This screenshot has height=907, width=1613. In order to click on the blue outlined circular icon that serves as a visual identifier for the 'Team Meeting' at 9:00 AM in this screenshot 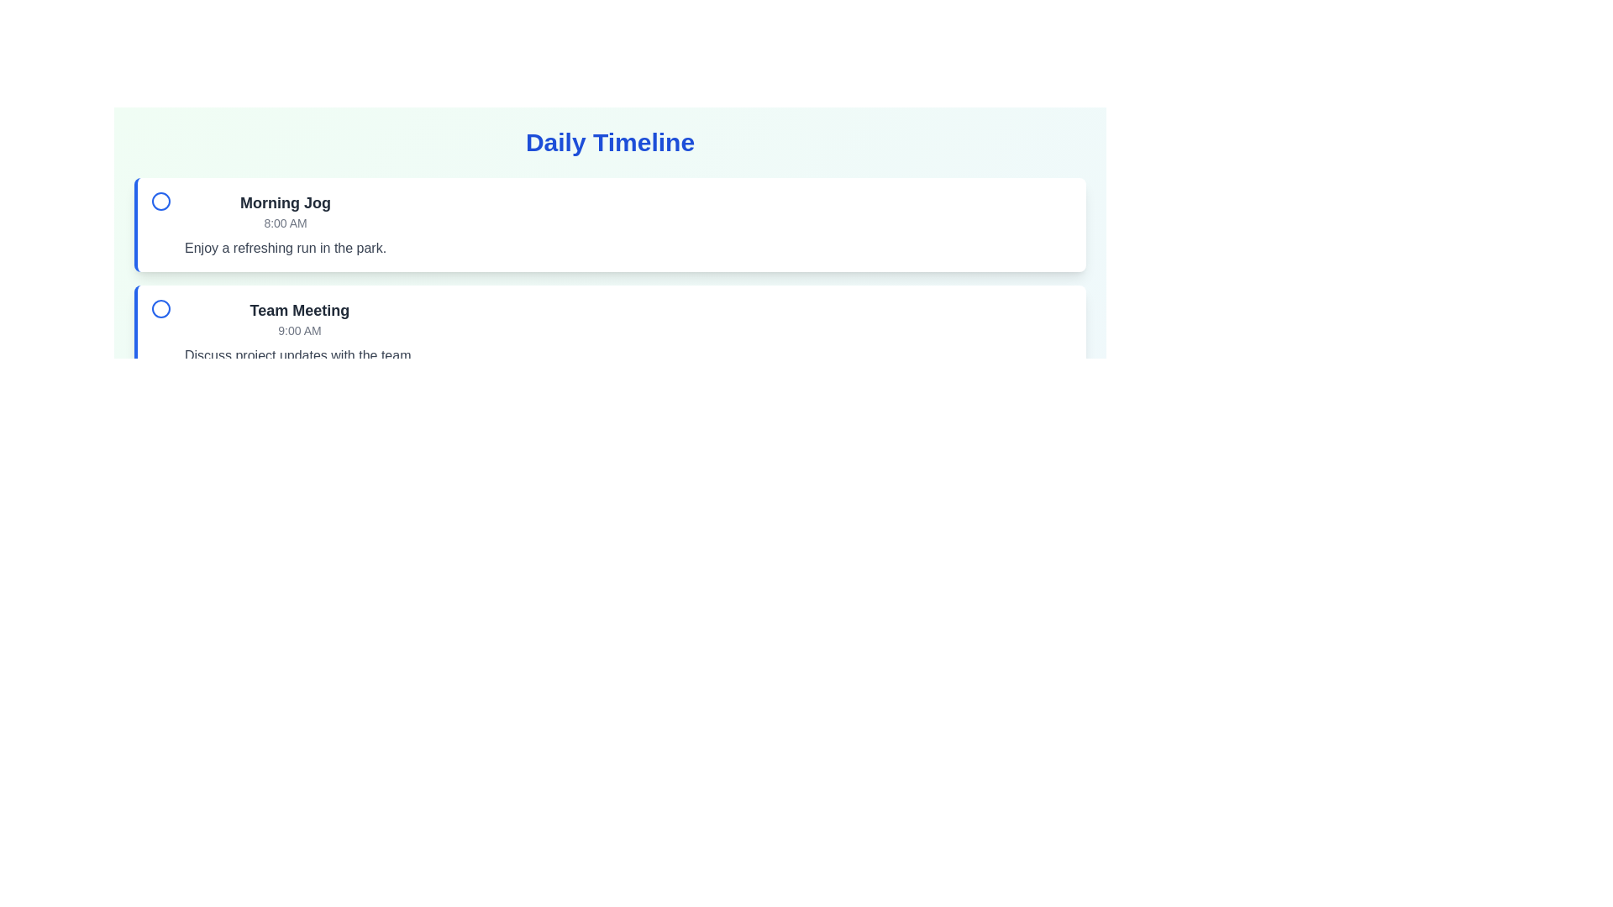, I will do `click(161, 308)`.